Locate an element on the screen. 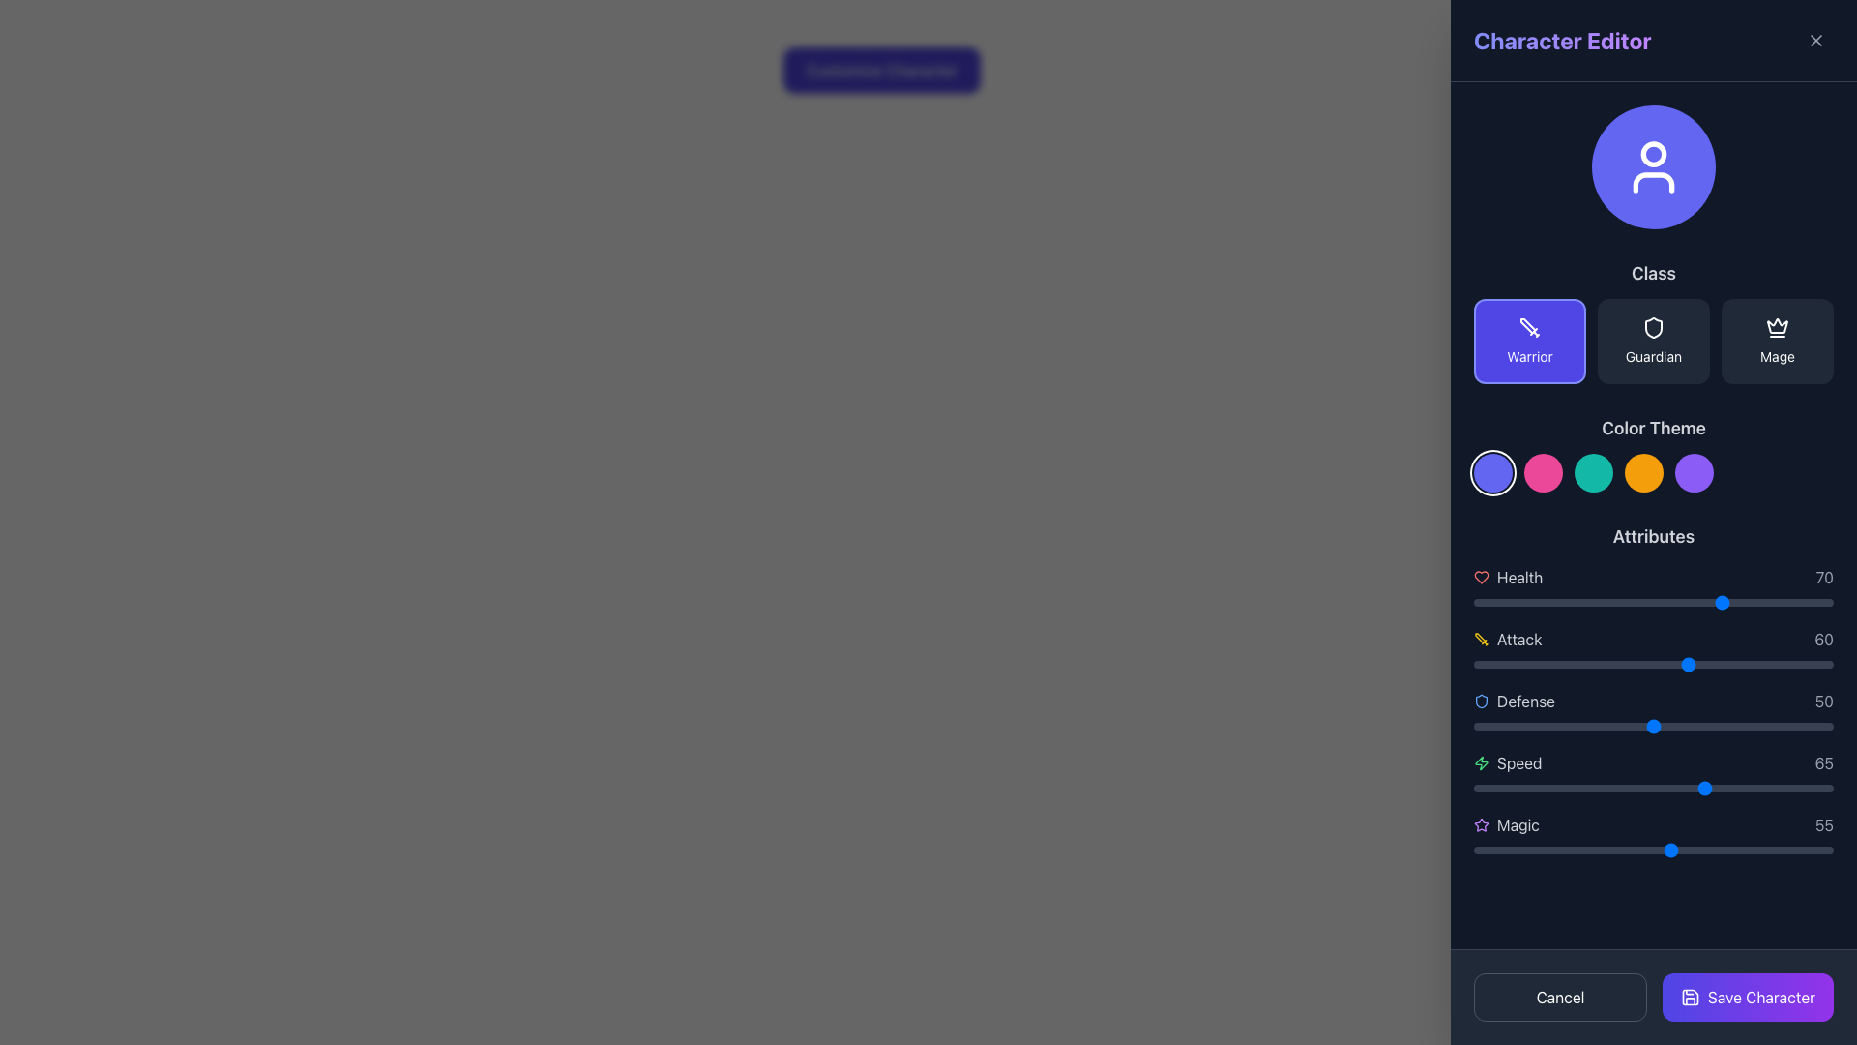  the color options in the 'Color Theme' selection section is located at coordinates (1652, 454).